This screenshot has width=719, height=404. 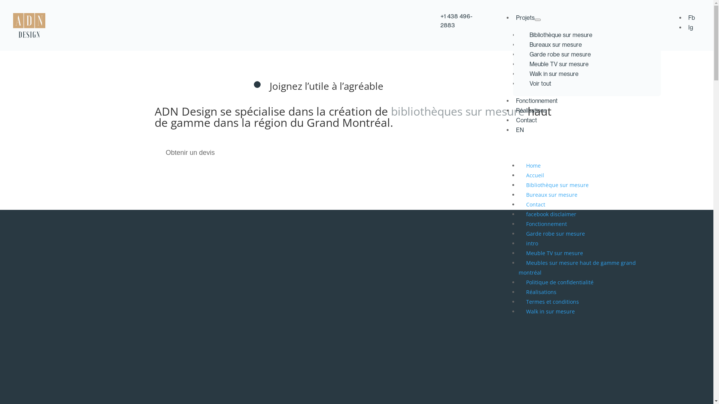 What do you see at coordinates (552, 301) in the screenshot?
I see `'Termes et conditions'` at bounding box center [552, 301].